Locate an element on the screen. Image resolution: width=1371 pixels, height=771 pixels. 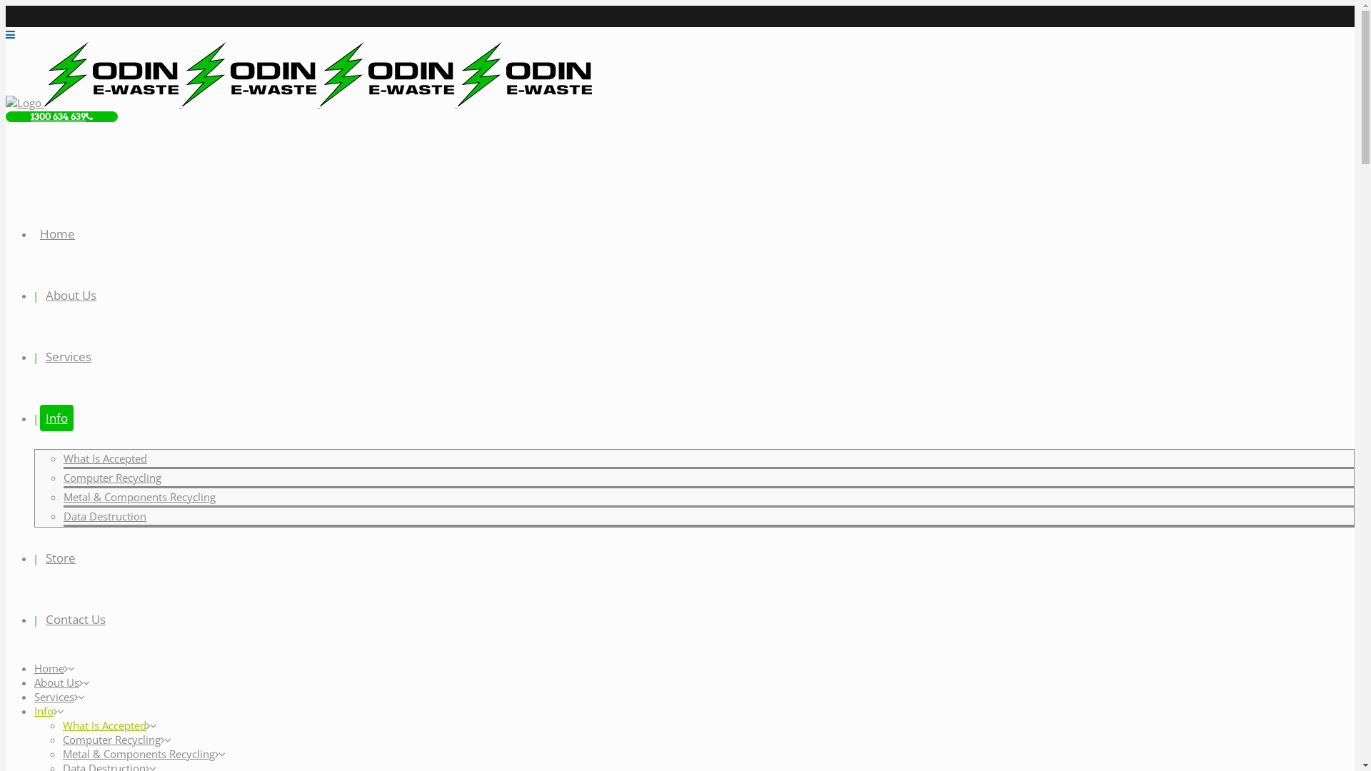
'Metal & Components Recycling' is located at coordinates (139, 753).